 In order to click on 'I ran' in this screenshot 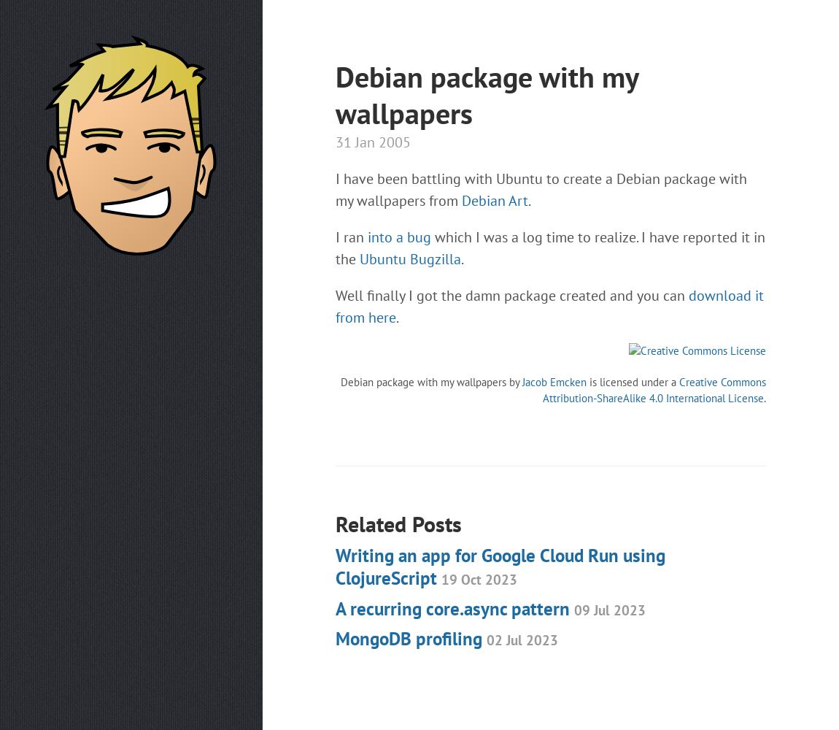, I will do `click(351, 237)`.